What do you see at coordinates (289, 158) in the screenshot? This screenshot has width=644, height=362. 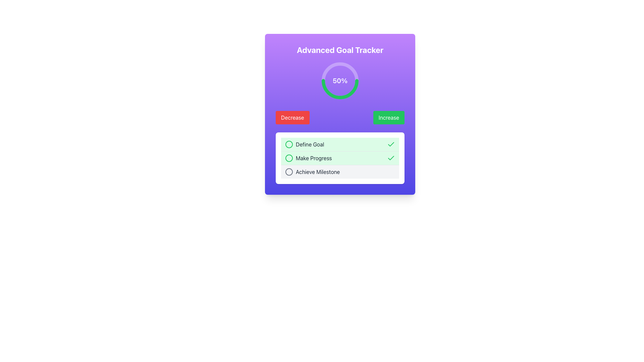 I see `the second circular checkbox or radio button indicating the status of the 'Make Progress' task within a card-like group with a purple background` at bounding box center [289, 158].